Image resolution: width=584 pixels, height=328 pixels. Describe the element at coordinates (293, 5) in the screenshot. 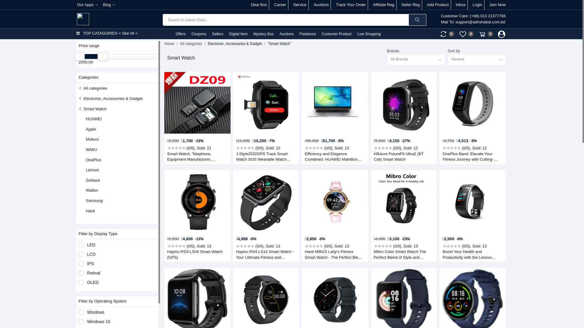

I see `'Service'` at that location.